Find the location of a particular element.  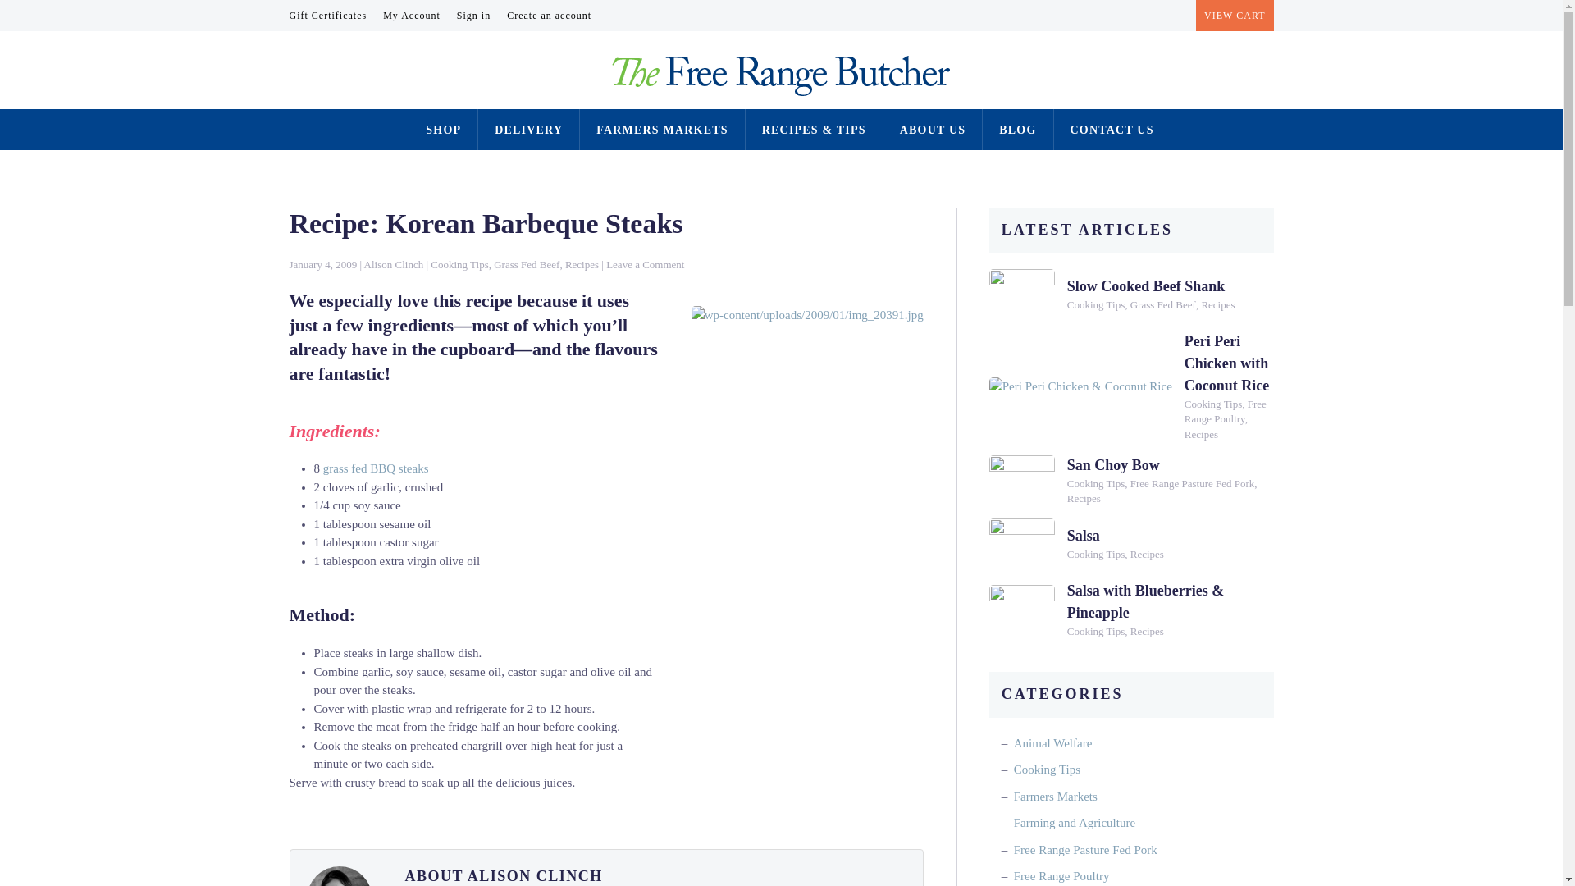

'San Choy Bow' is located at coordinates (1113, 465).